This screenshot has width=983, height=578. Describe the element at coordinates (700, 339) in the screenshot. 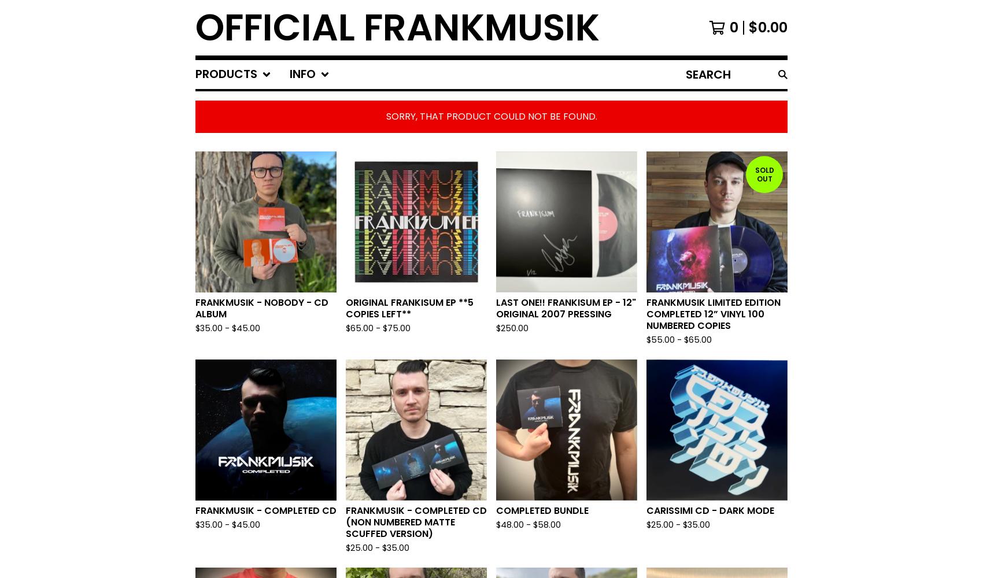

I see `'65.00'` at that location.